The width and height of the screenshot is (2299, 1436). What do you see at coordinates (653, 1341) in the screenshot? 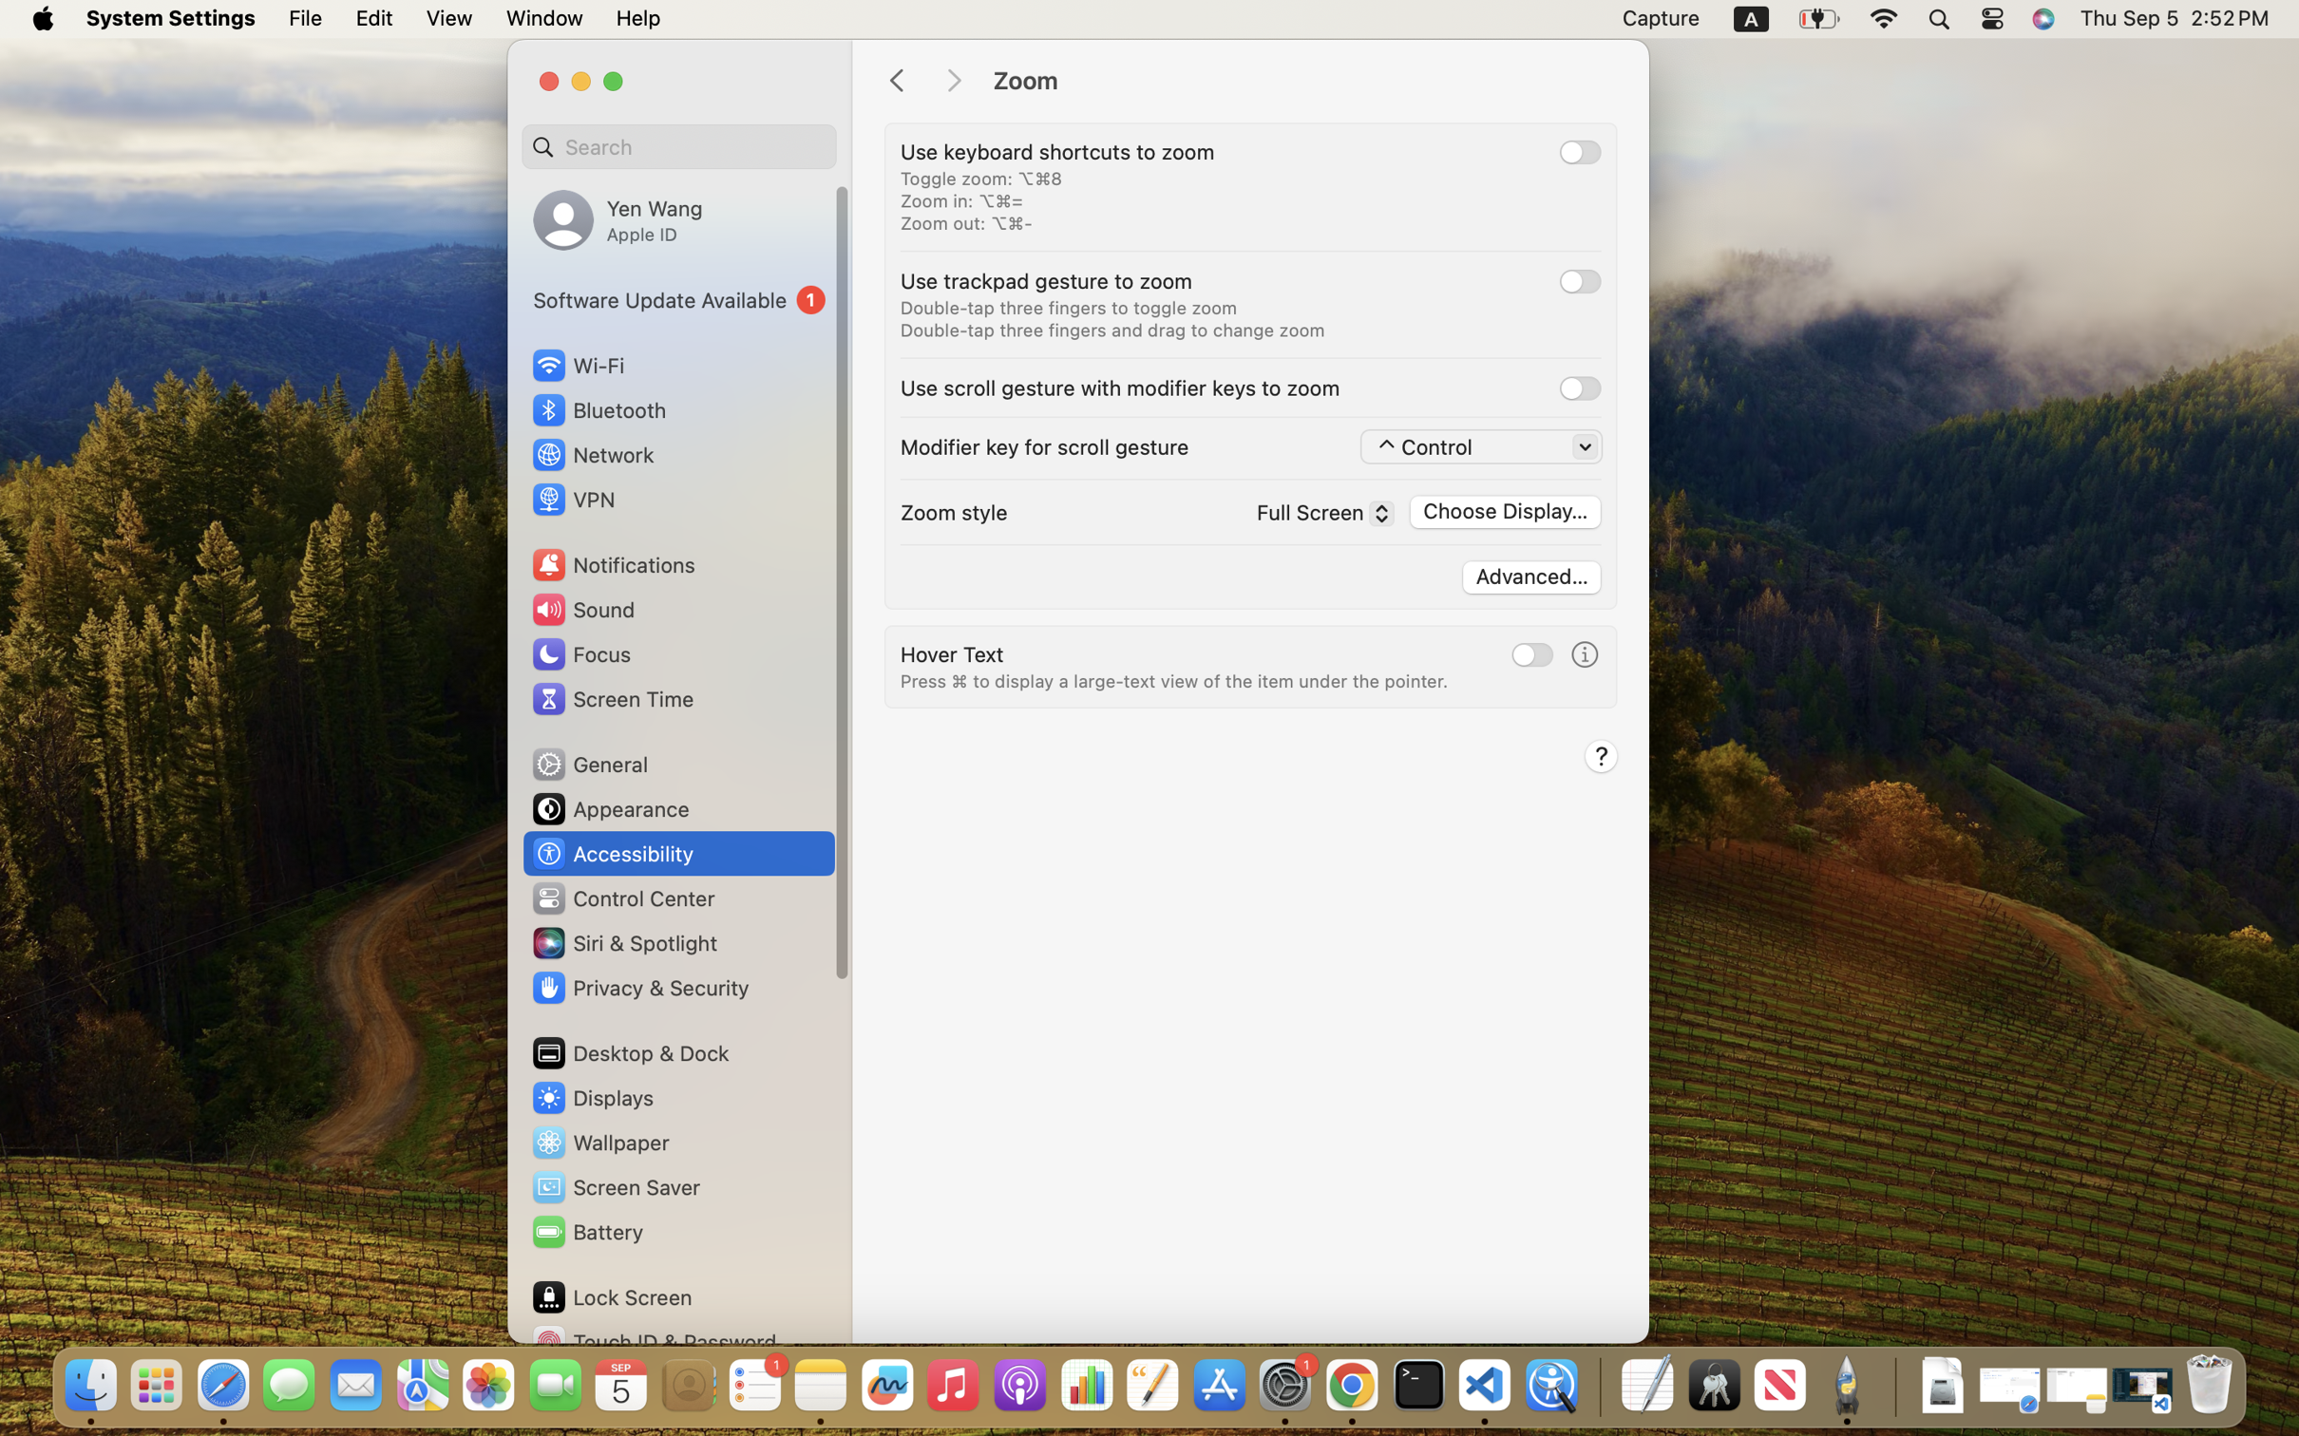
I see `'Touch ID & Password'` at bounding box center [653, 1341].